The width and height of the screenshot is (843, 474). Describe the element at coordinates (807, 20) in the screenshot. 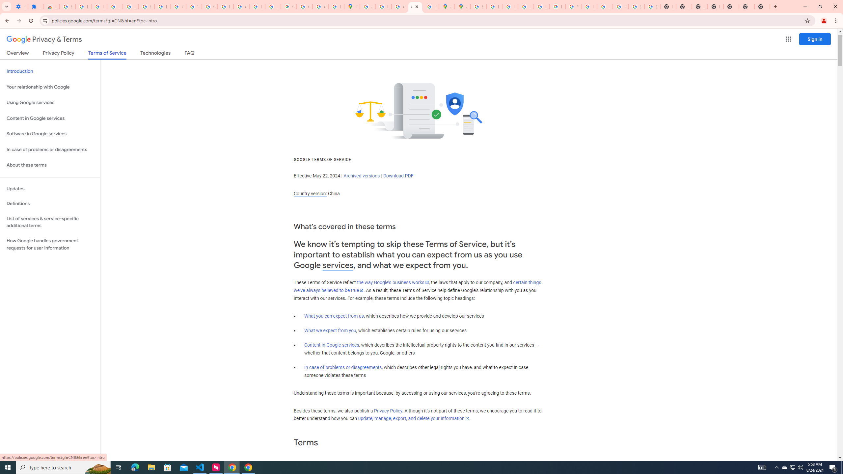

I see `'Bookmark this tab'` at that location.